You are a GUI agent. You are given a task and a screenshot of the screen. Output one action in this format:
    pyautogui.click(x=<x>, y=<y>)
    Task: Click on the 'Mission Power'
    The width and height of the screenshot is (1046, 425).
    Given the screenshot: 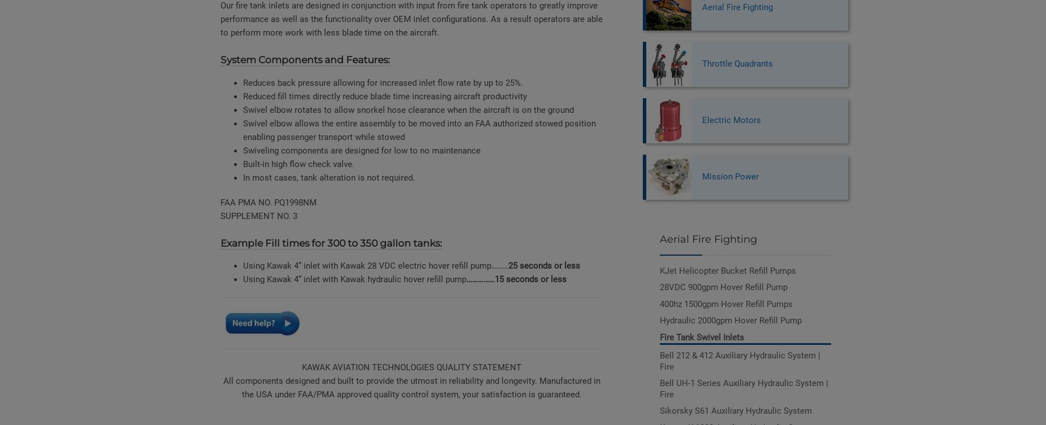 What is the action you would take?
    pyautogui.click(x=728, y=177)
    